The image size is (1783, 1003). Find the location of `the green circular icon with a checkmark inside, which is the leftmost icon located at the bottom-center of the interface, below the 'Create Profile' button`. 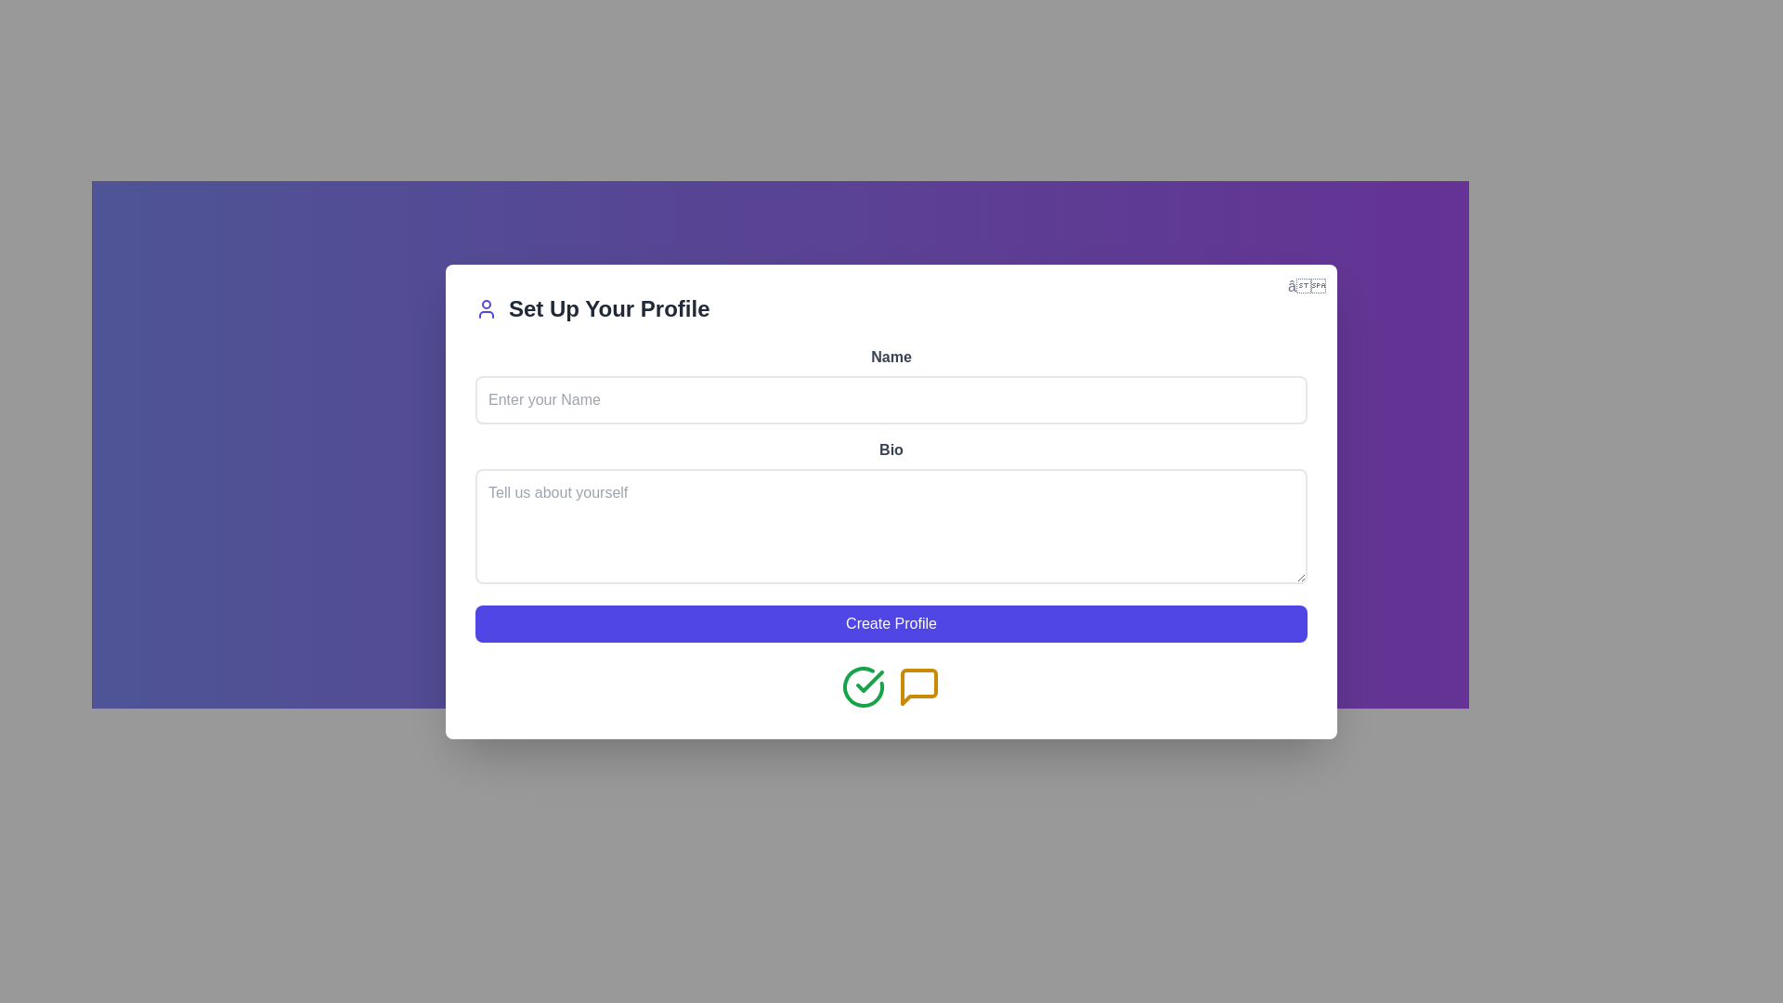

the green circular icon with a checkmark inside, which is the leftmost icon located at the bottom-center of the interface, below the 'Create Profile' button is located at coordinates (863, 686).